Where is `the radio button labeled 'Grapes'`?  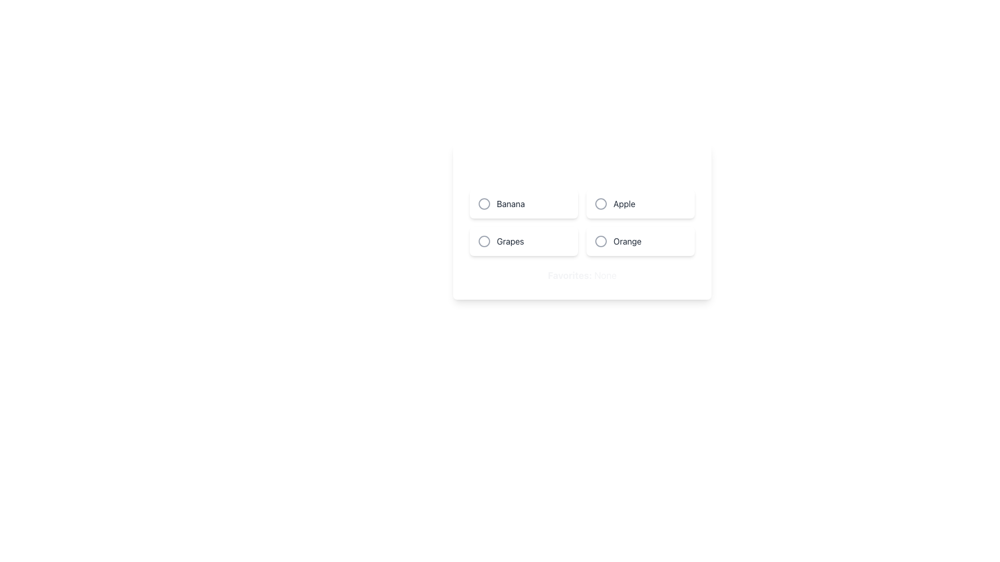 the radio button labeled 'Grapes' is located at coordinates (524, 241).